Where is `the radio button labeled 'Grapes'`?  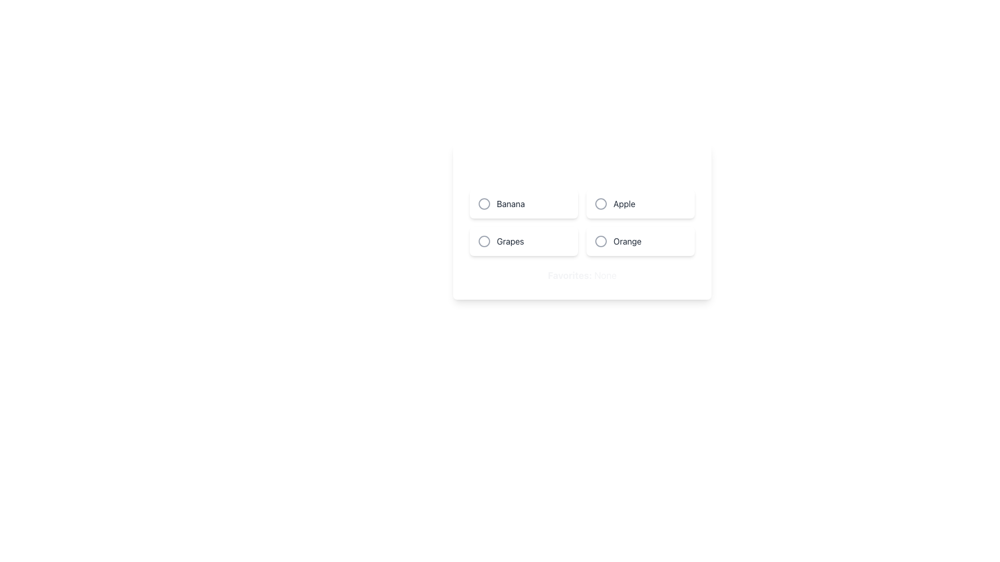 the radio button labeled 'Grapes' is located at coordinates (524, 241).